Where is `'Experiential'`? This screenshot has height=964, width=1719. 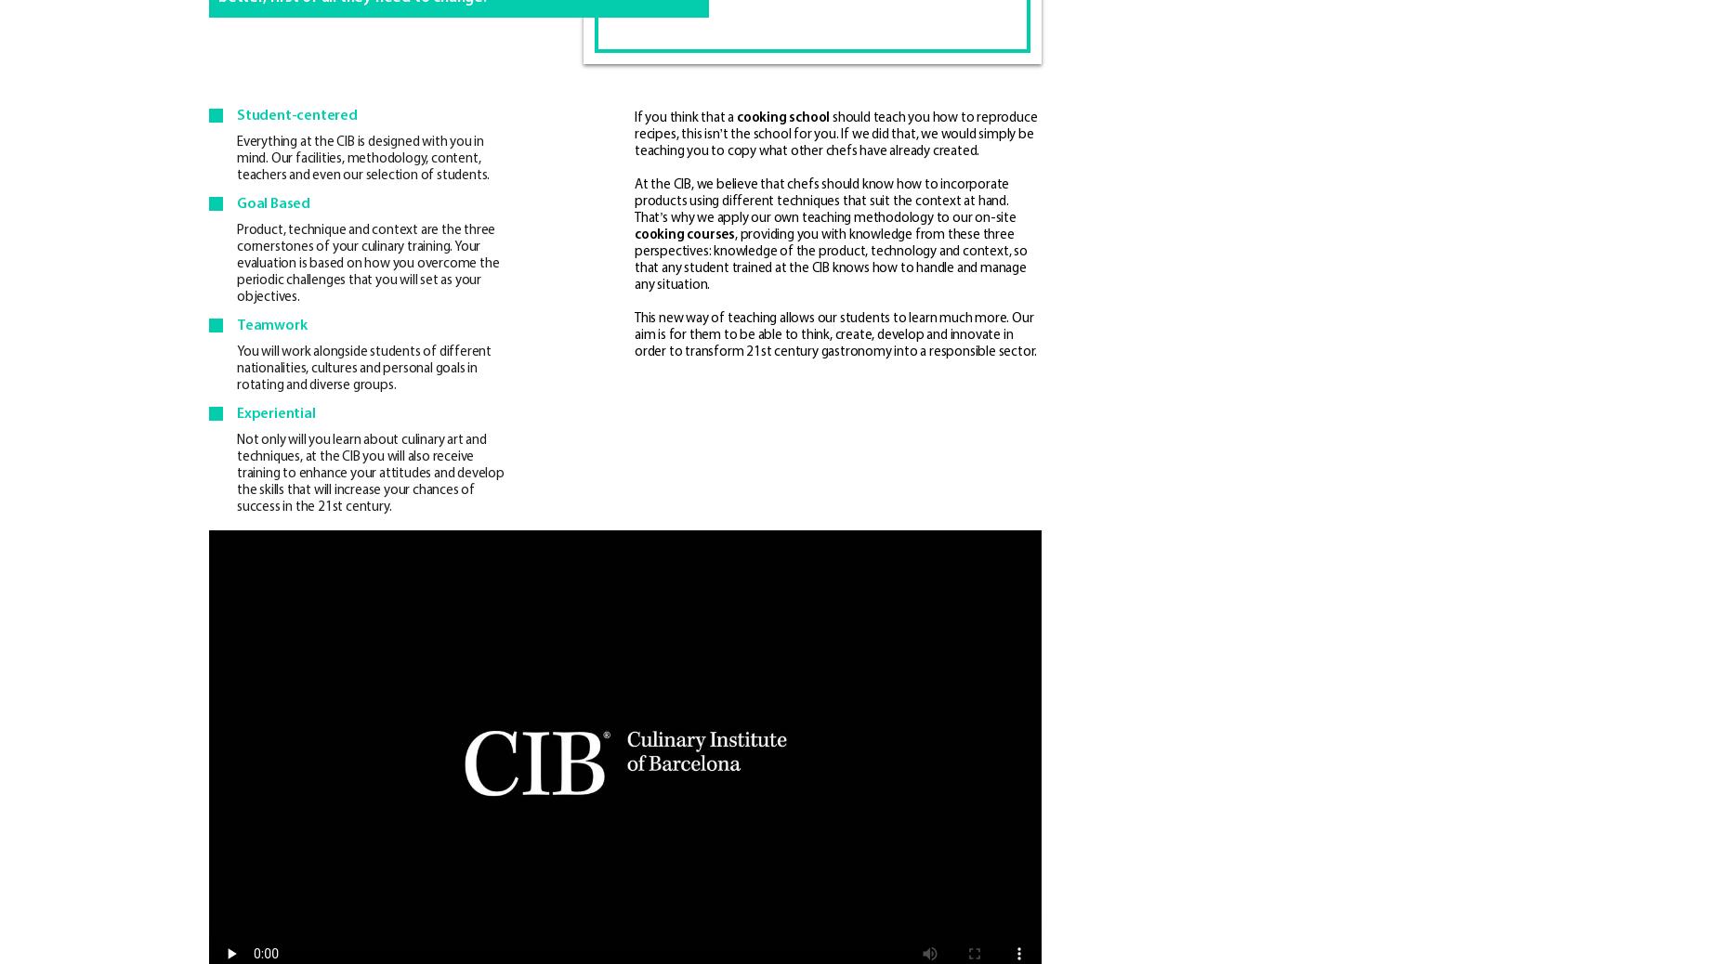
'Experiential' is located at coordinates (274, 414).